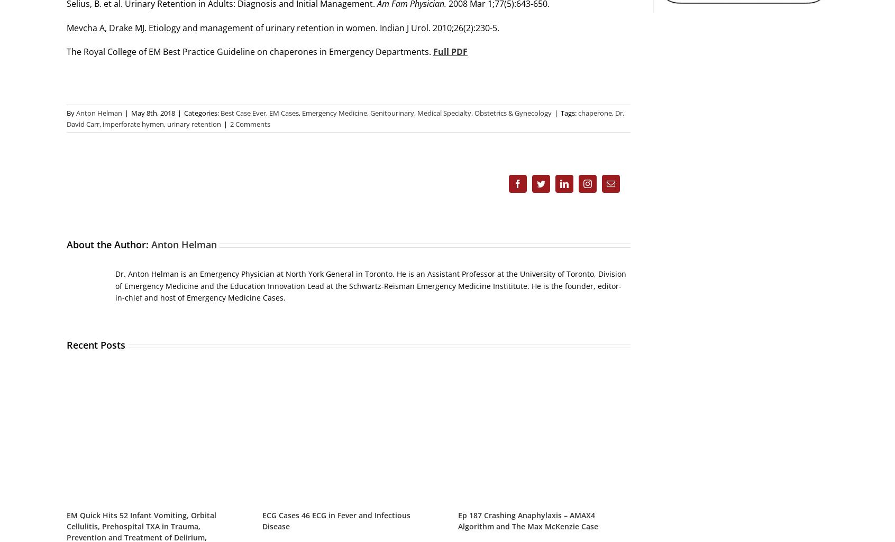 Image resolution: width=895 pixels, height=542 pixels. I want to click on 'Emergency Medicine', so click(302, 113).